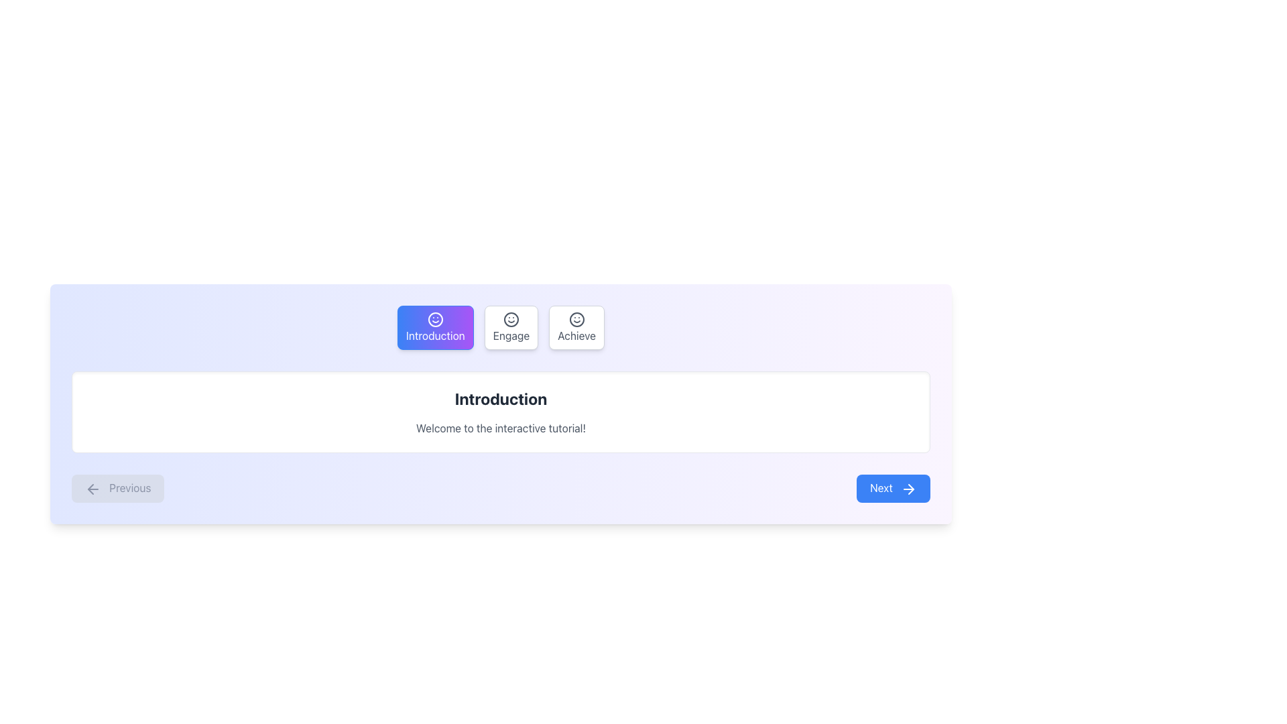 The height and width of the screenshot is (724, 1287). What do you see at coordinates (435, 328) in the screenshot?
I see `the first button in the horizontal menu that navigates to the 'Introduction' section, located to the left of the 'Engage' and 'Achieve' buttons` at bounding box center [435, 328].